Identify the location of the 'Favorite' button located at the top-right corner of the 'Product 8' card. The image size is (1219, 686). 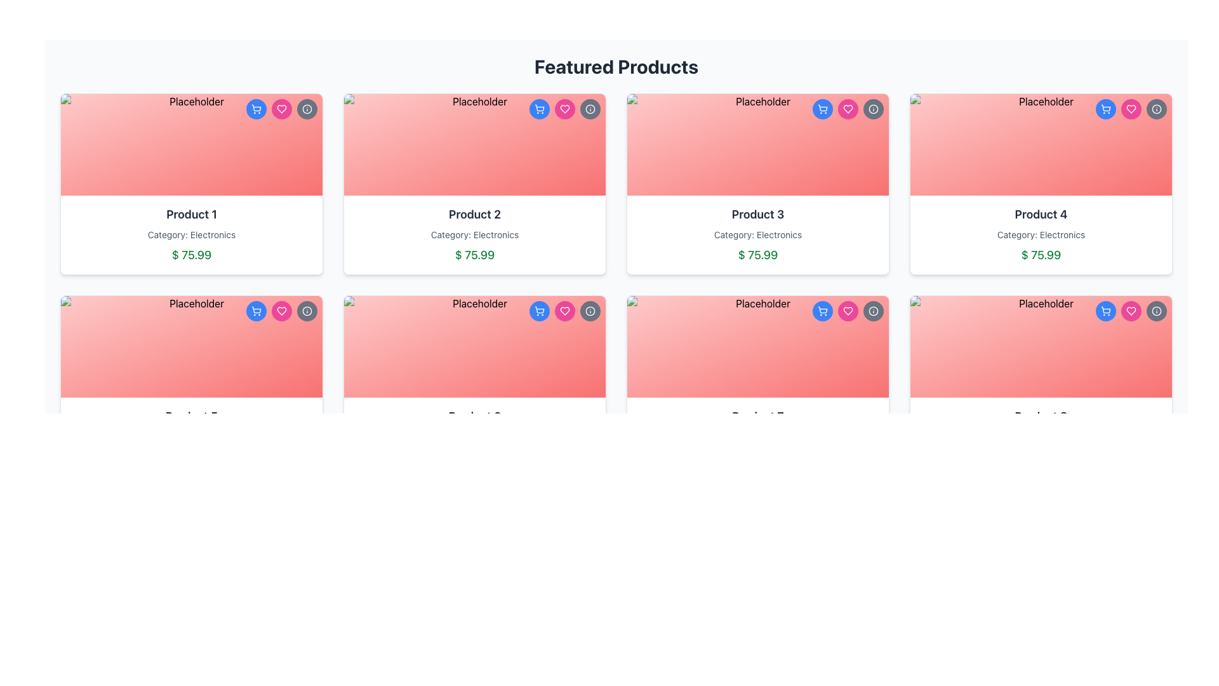
(1131, 311).